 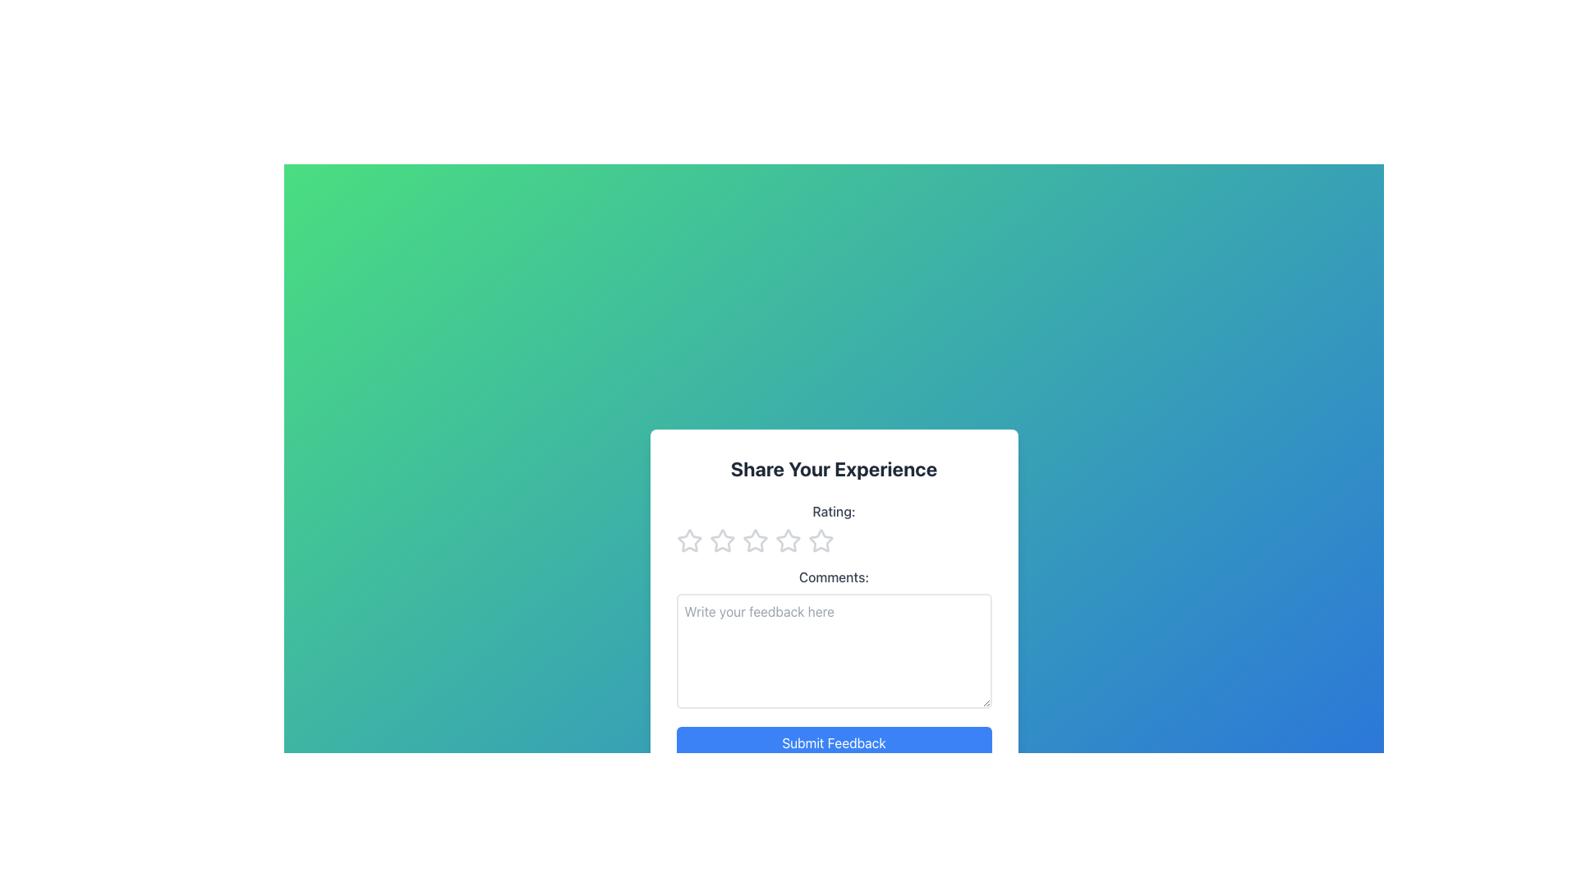 I want to click on the fourth star in the star rating component, so click(x=821, y=540).